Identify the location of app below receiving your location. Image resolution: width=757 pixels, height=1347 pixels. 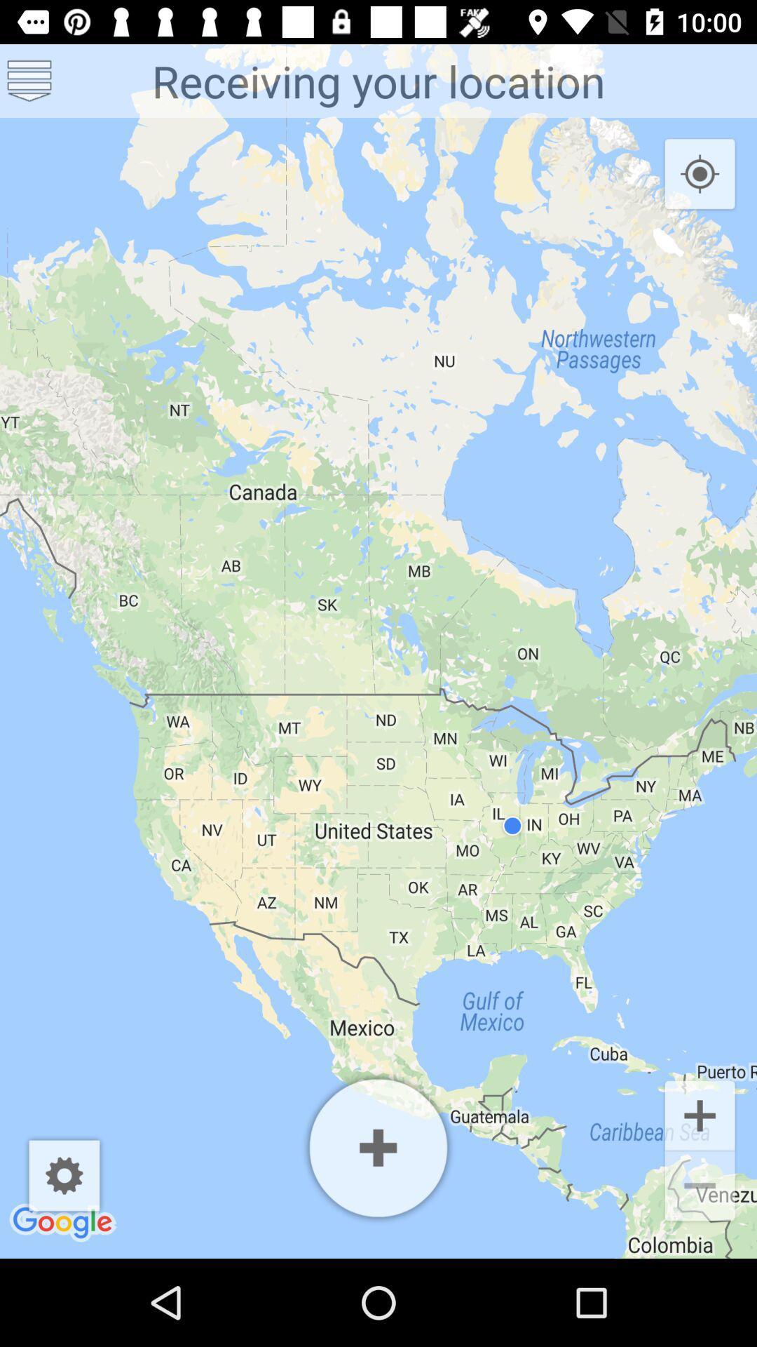
(378, 1148).